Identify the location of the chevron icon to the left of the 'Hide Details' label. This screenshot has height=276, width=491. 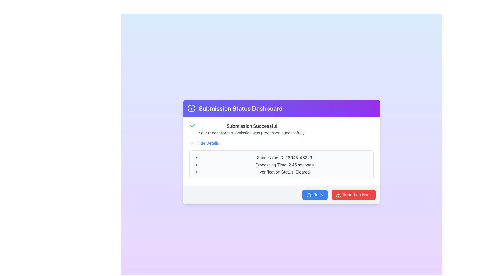
(192, 143).